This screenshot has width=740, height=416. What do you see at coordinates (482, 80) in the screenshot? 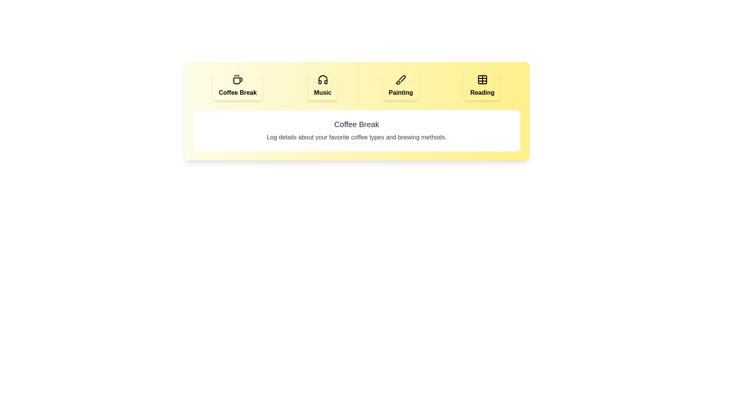
I see `the yellow rounded rectangle visual icon component located in the 'Reading' tab, positioned to the right of the 'Painting' tab in the horizontal menu` at bounding box center [482, 80].